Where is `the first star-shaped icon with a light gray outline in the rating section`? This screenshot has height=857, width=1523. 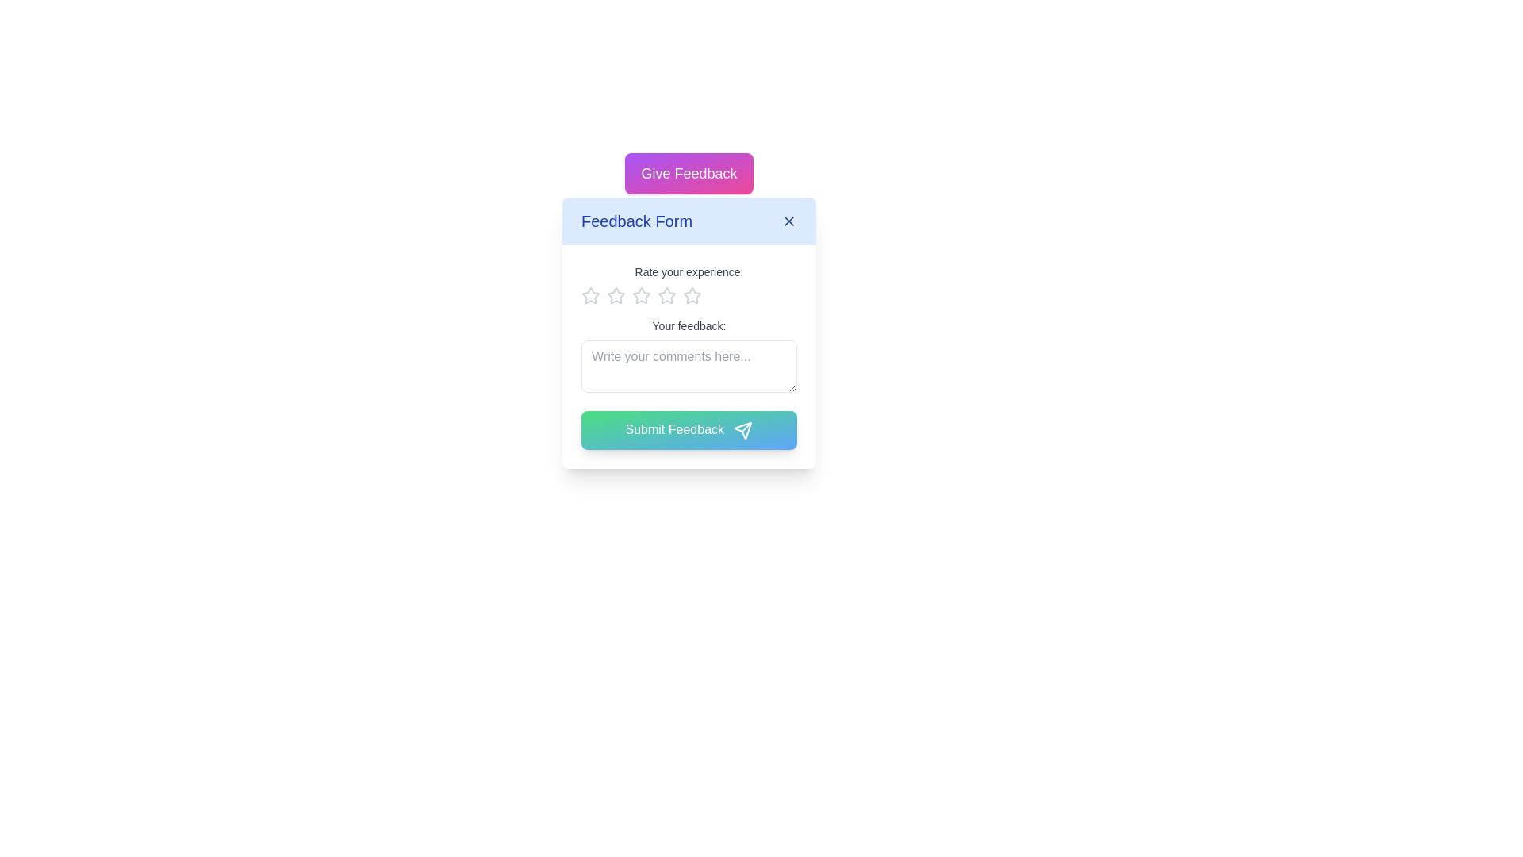 the first star-shaped icon with a light gray outline in the rating section is located at coordinates (589, 296).